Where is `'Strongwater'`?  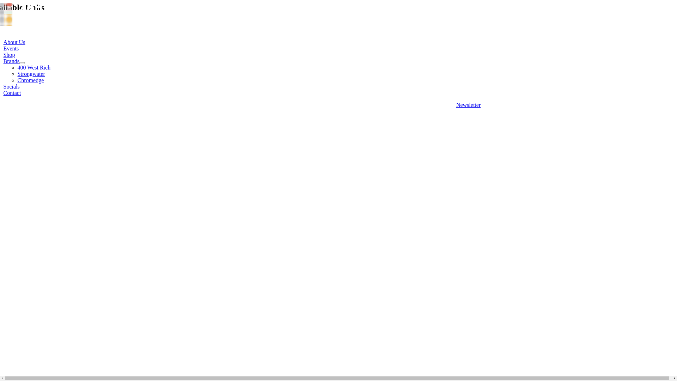
'Strongwater' is located at coordinates (31, 74).